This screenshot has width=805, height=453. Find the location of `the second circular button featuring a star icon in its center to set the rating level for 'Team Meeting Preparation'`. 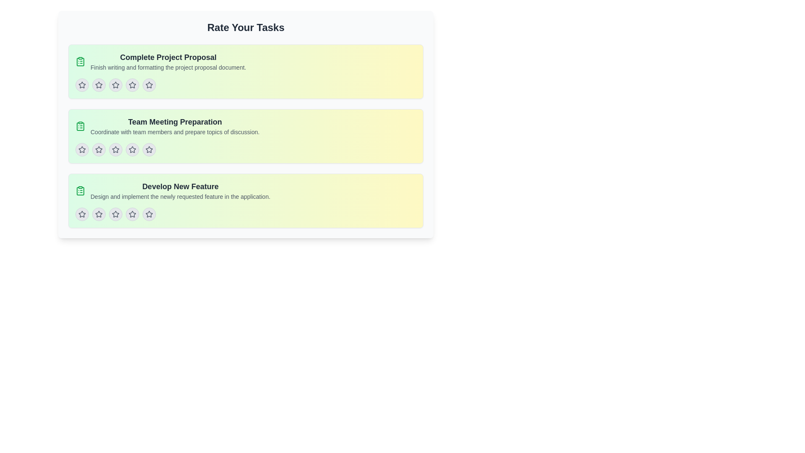

the second circular button featuring a star icon in its center to set the rating level for 'Team Meeting Preparation' is located at coordinates (99, 149).